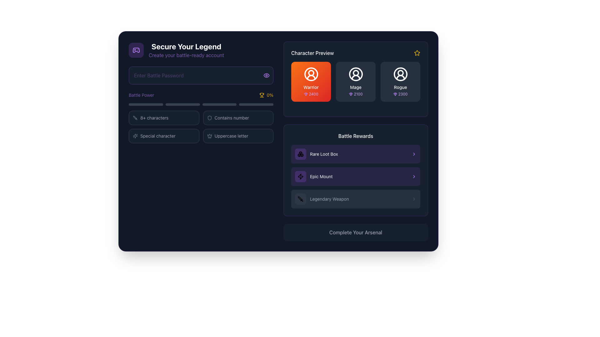  Describe the element at coordinates (231, 118) in the screenshot. I see `the label or text description indicating a condition or requirement related to numbers, located in the middle-left section of the interface under the 'Battle Power' label` at that location.